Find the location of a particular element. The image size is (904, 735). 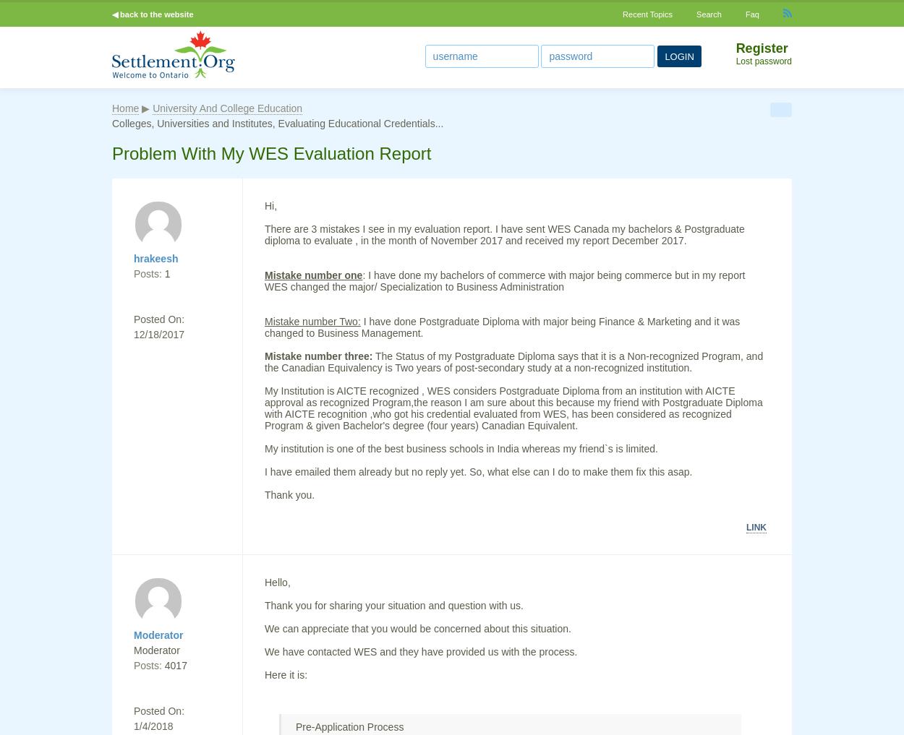

'Mistake number one' is located at coordinates (313, 274).